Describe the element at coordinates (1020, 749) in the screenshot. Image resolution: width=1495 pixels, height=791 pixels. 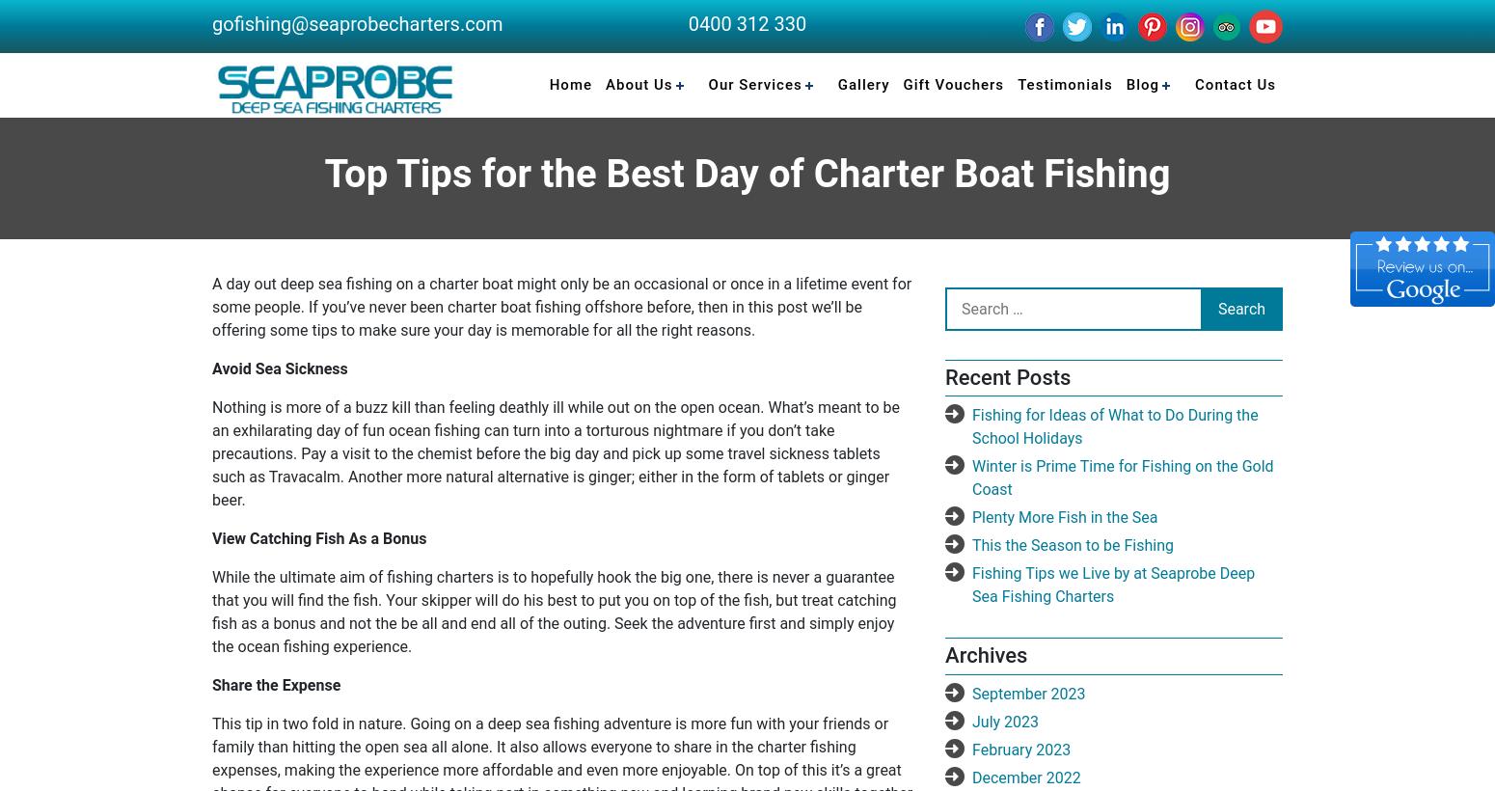
I see `'February 2023'` at that location.